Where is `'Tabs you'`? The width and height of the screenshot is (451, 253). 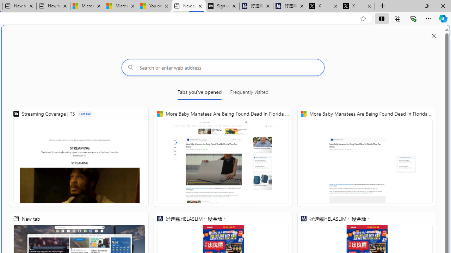
'Tabs you' is located at coordinates (199, 93).